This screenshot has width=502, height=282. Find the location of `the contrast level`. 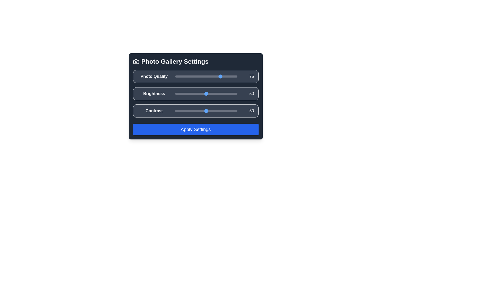

the contrast level is located at coordinates (203, 110).